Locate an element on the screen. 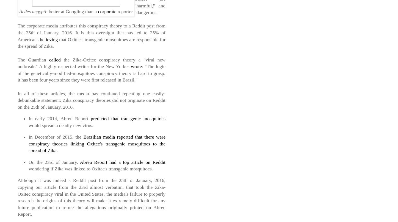 The width and height of the screenshot is (398, 222). 'The corporate media attributes this conspiracy theory to a Reddit post 
from the 25th of January, 2016. It is this oversight that has led to 35% of 
Americans' is located at coordinates (18, 32).